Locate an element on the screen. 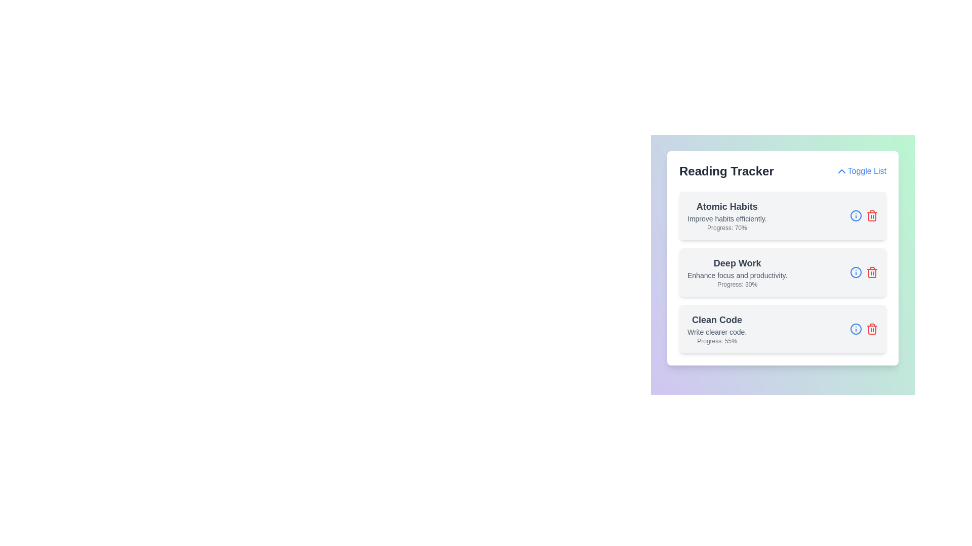  the 'Reading Tracker' title bar which includes the 'Toggle List' hyperlink is located at coordinates (782, 171).